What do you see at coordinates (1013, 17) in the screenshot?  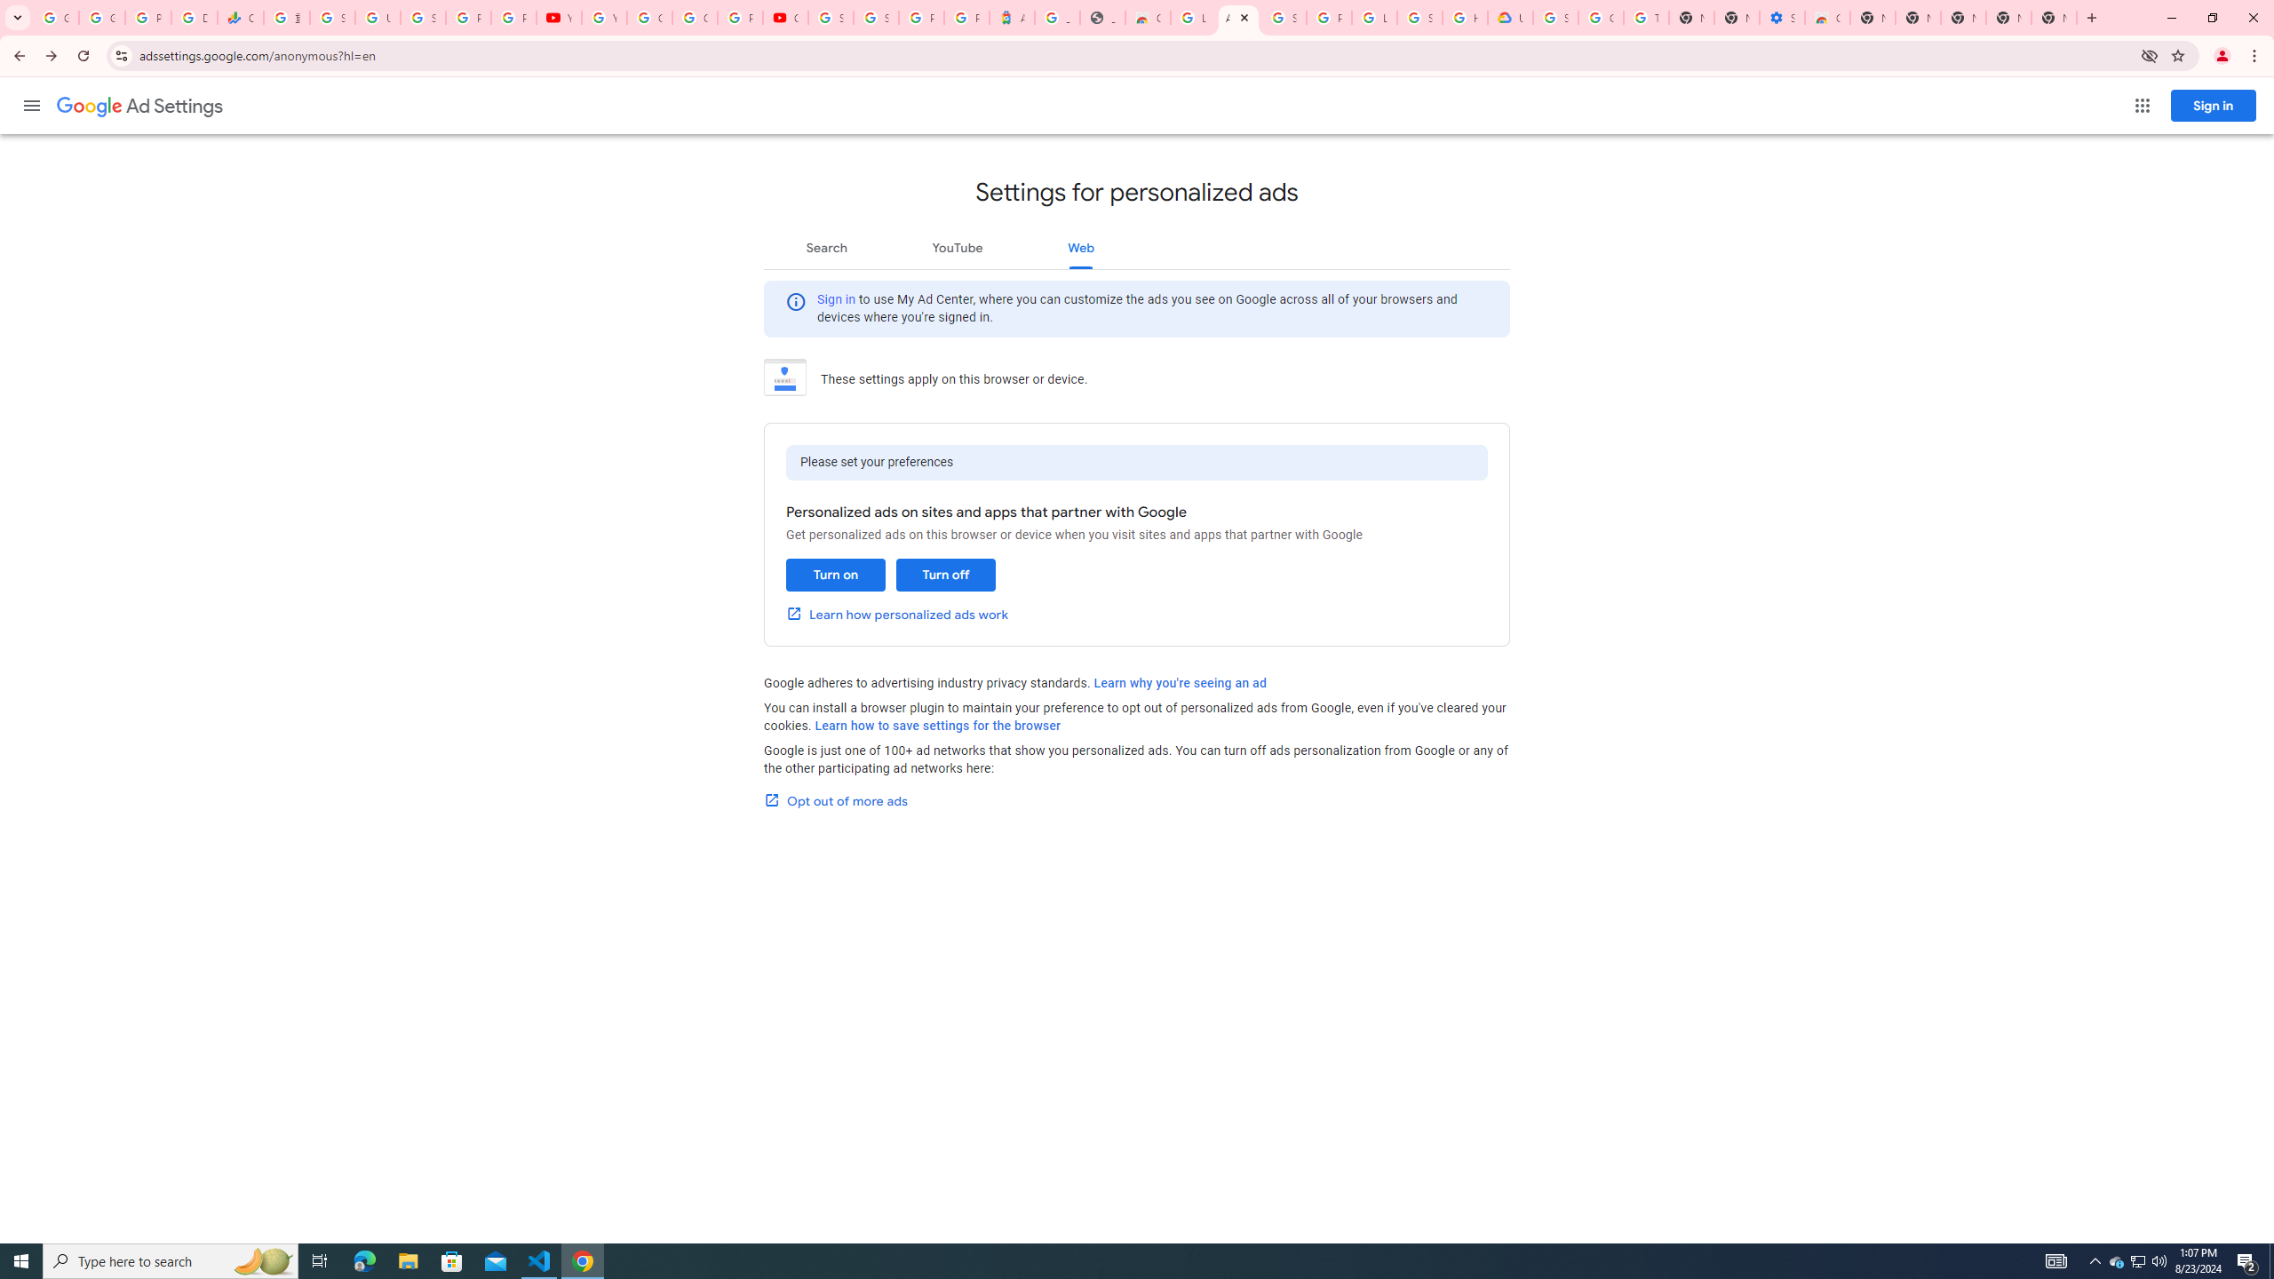 I see `'Atour Hotel - Google hotels'` at bounding box center [1013, 17].